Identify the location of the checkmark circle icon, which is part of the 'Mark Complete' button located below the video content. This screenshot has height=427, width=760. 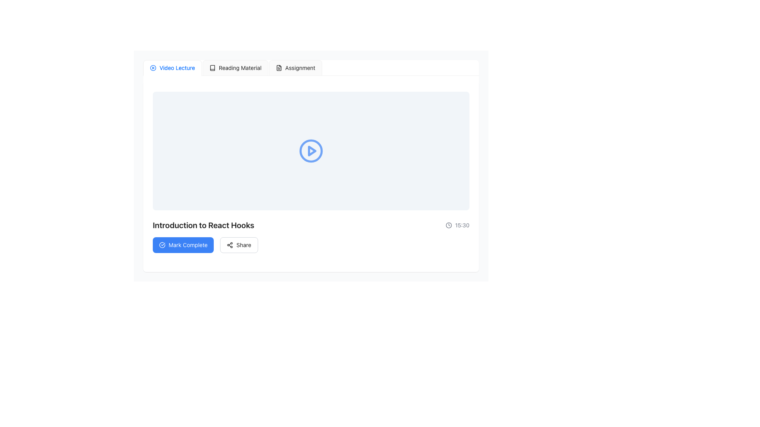
(161, 245).